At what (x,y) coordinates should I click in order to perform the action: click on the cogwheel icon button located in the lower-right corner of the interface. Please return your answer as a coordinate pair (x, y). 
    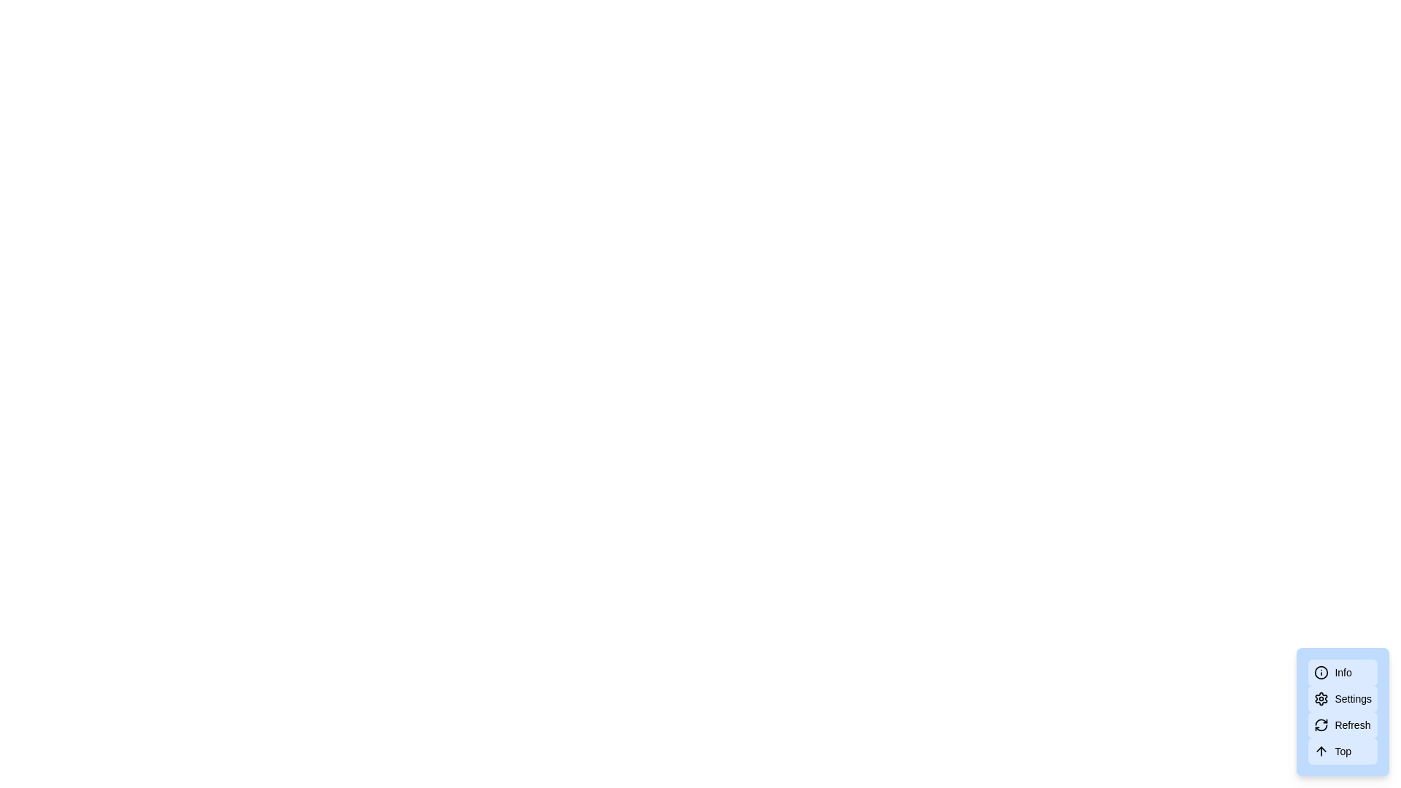
    Looking at the image, I should click on (1321, 698).